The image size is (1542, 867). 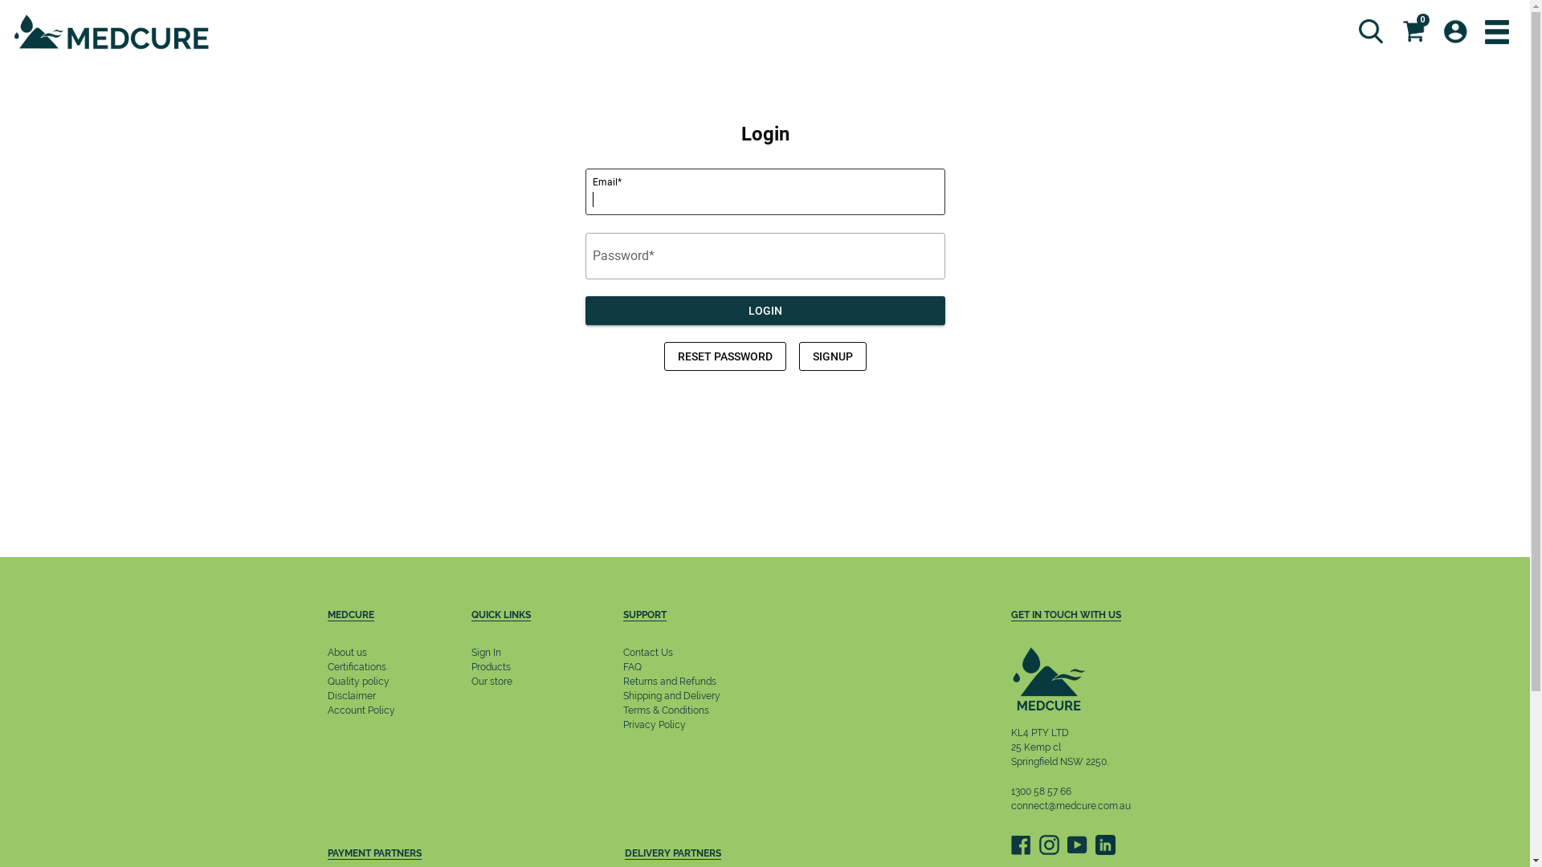 I want to click on 'Products', so click(x=490, y=666).